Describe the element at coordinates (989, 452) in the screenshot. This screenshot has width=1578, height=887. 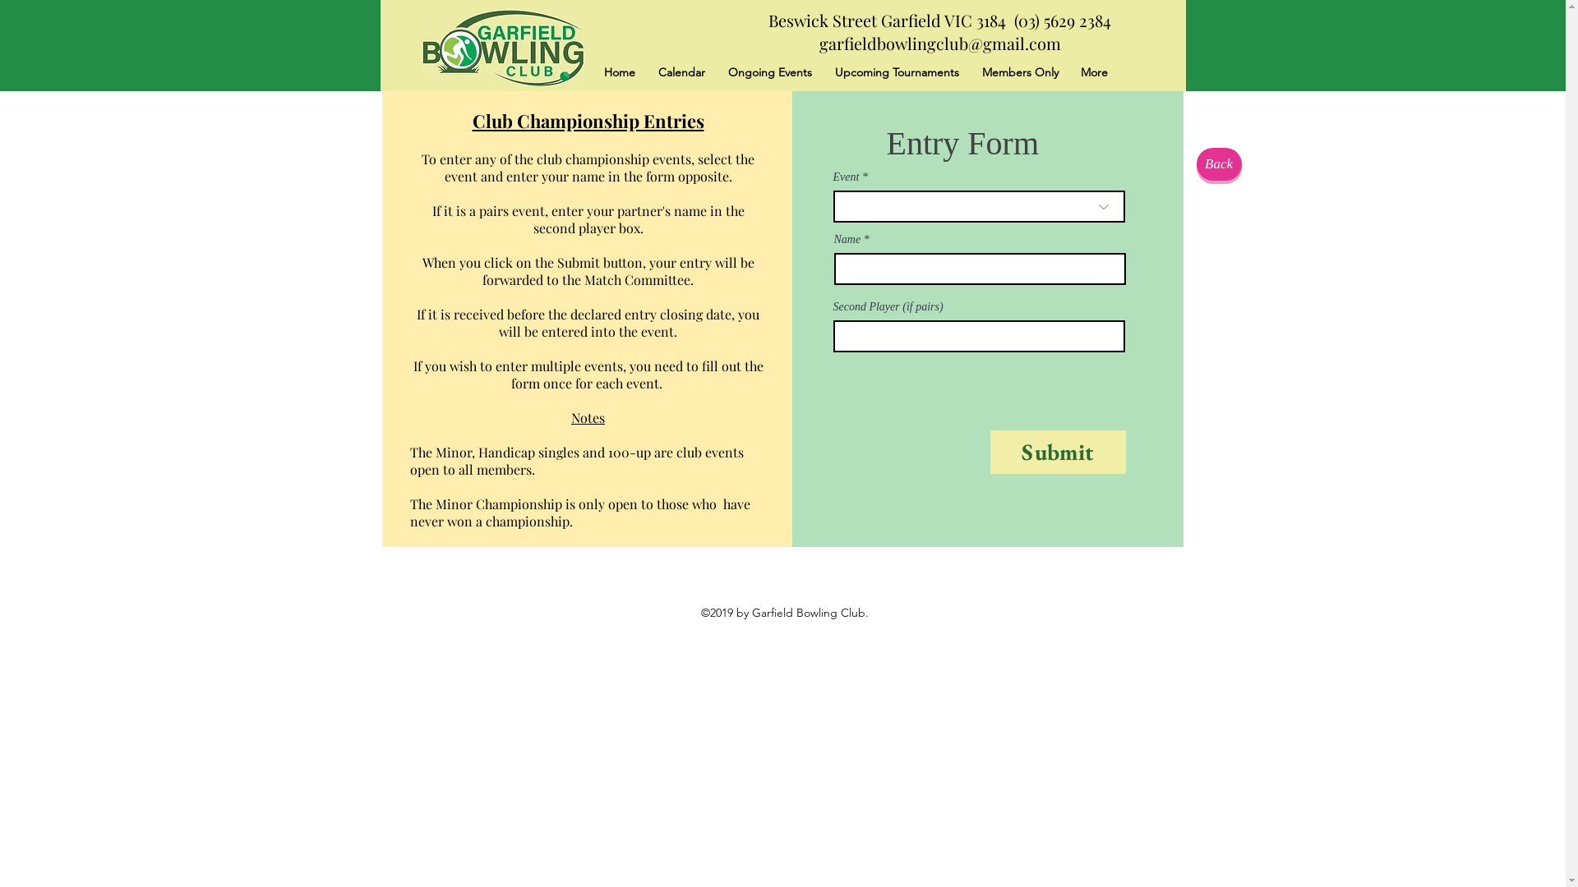
I see `'Submit'` at that location.